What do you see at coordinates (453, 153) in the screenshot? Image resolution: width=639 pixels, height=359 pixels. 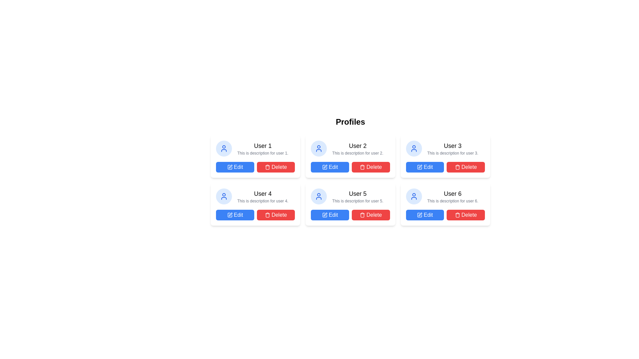 I see `the text label displaying auxiliary information for 'User 3' located below the title in the profile card in the top right corner of the profiles grid` at bounding box center [453, 153].